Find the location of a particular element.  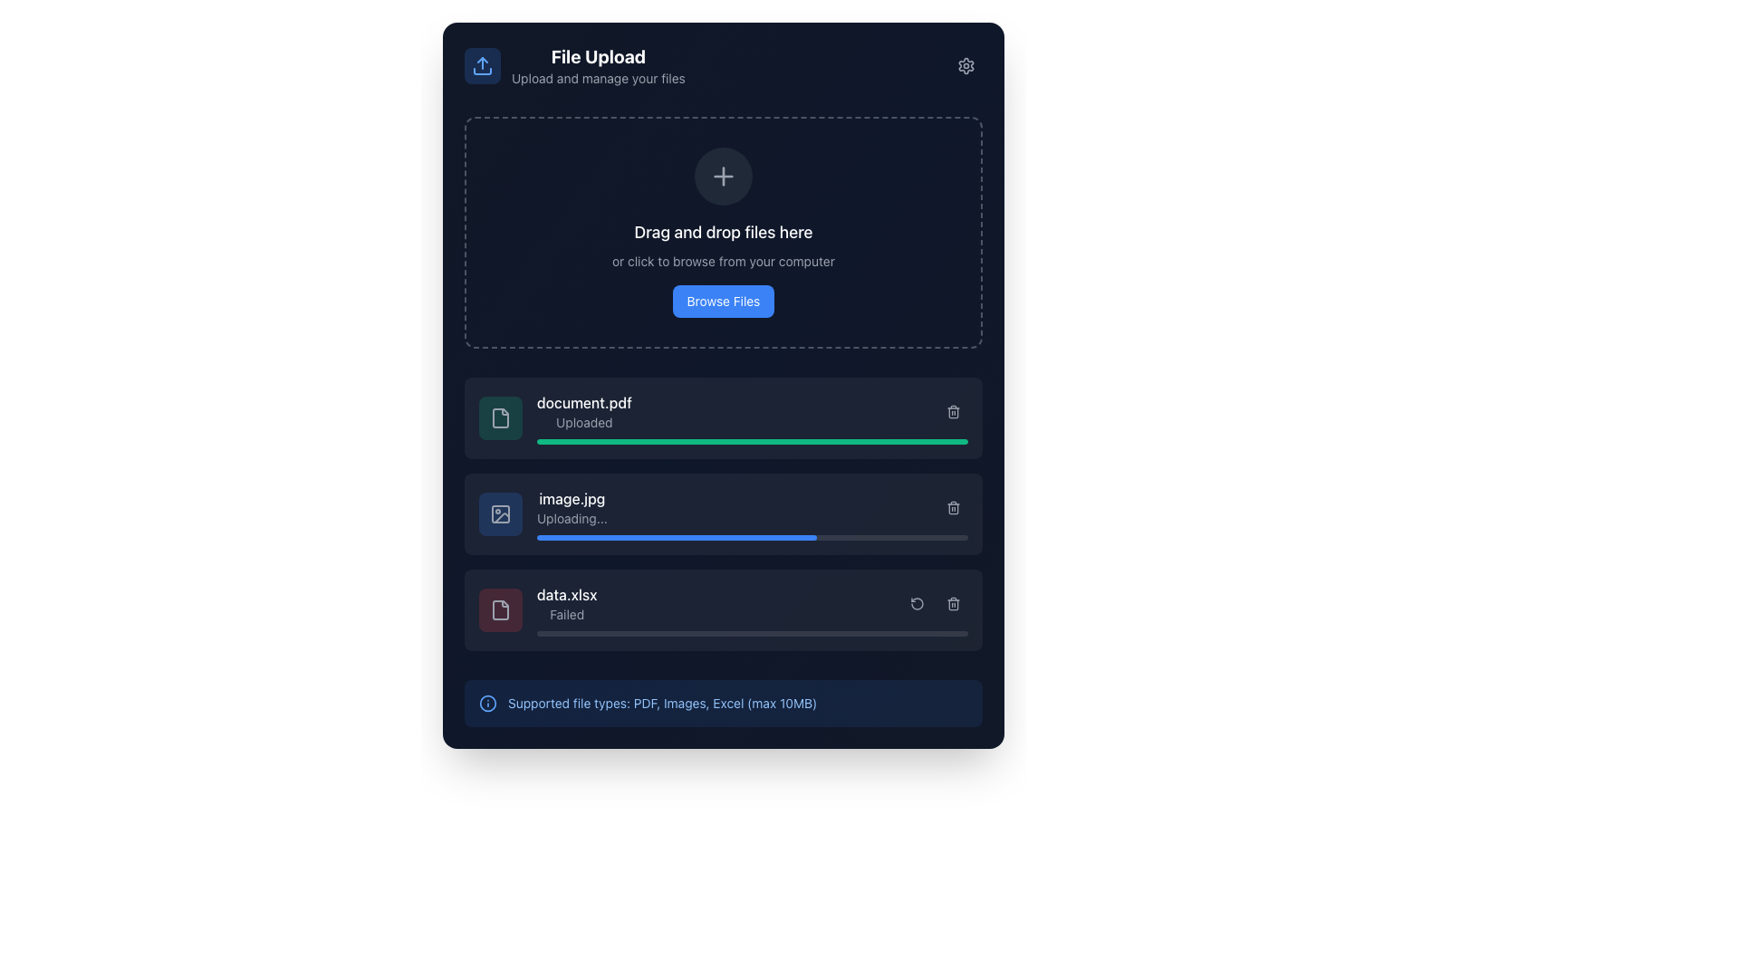

the filename 'document.pdf' displayed in bold white font in the first row of the file listing section to take actions such as previewing or downloading the file is located at coordinates (584, 412).